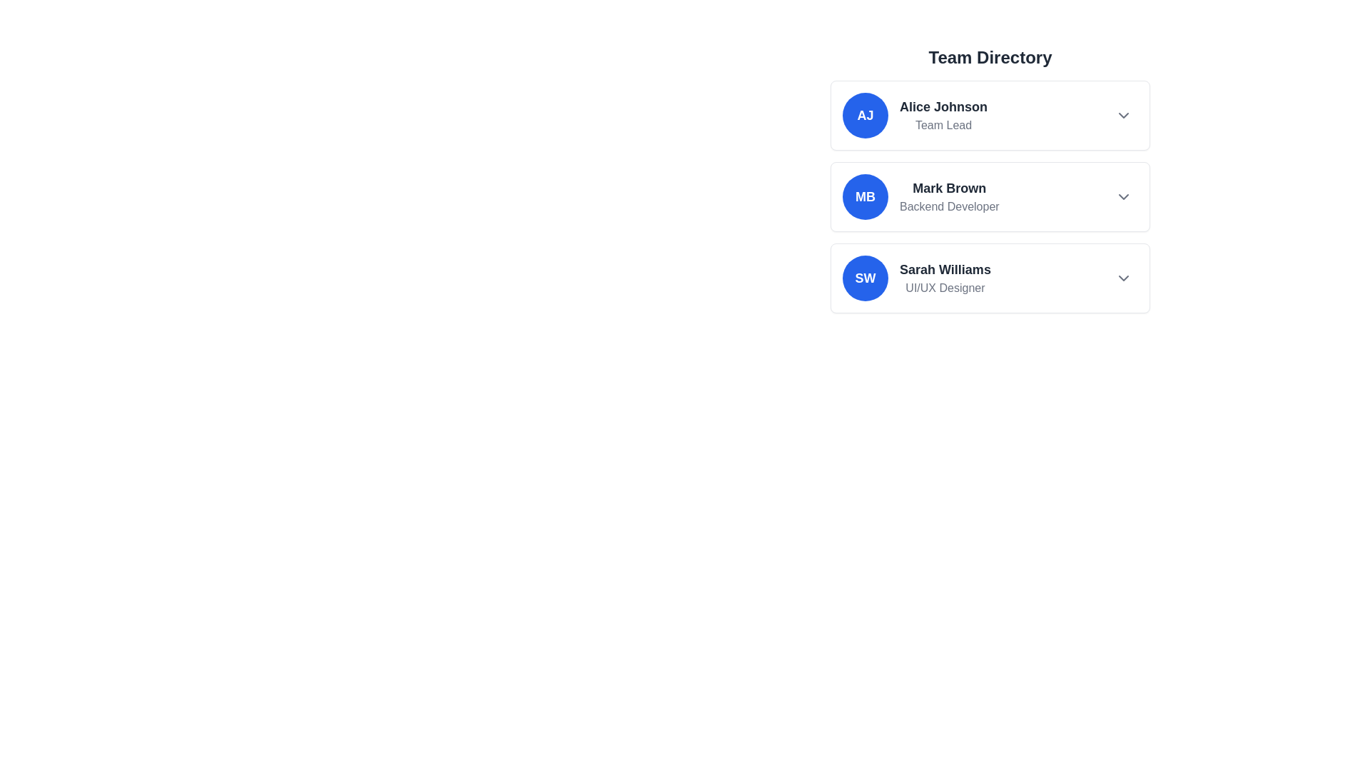  What do you see at coordinates (989, 178) in the screenshot?
I see `on the profile card for 'Mark Brown', which is the second item in the team directory list` at bounding box center [989, 178].